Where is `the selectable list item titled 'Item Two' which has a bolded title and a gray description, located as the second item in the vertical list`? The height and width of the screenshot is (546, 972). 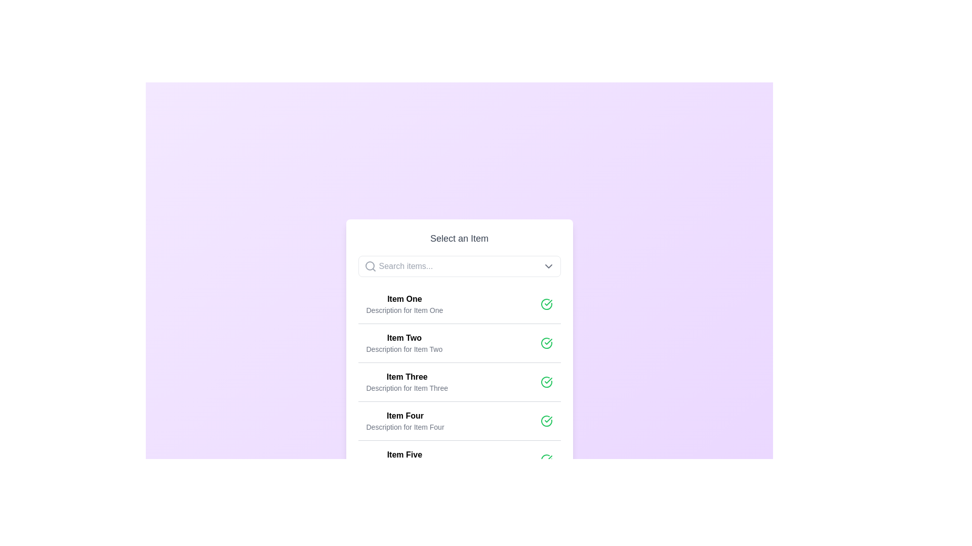 the selectable list item titled 'Item Two' which has a bolded title and a gray description, located as the second item in the vertical list is located at coordinates (403, 342).